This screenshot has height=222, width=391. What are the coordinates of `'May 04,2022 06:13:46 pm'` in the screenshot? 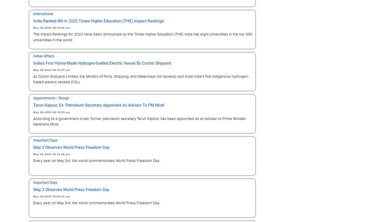 It's located at (51, 154).